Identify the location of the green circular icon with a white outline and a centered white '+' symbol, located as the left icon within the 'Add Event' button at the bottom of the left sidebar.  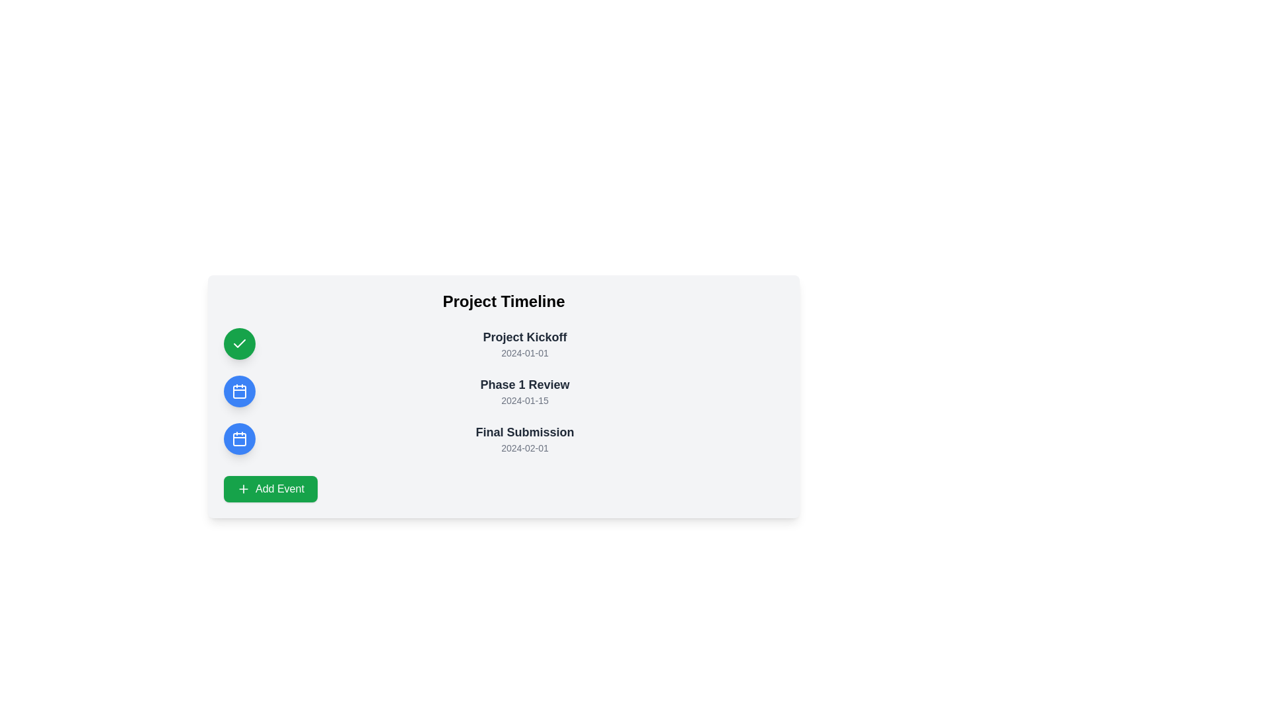
(244, 489).